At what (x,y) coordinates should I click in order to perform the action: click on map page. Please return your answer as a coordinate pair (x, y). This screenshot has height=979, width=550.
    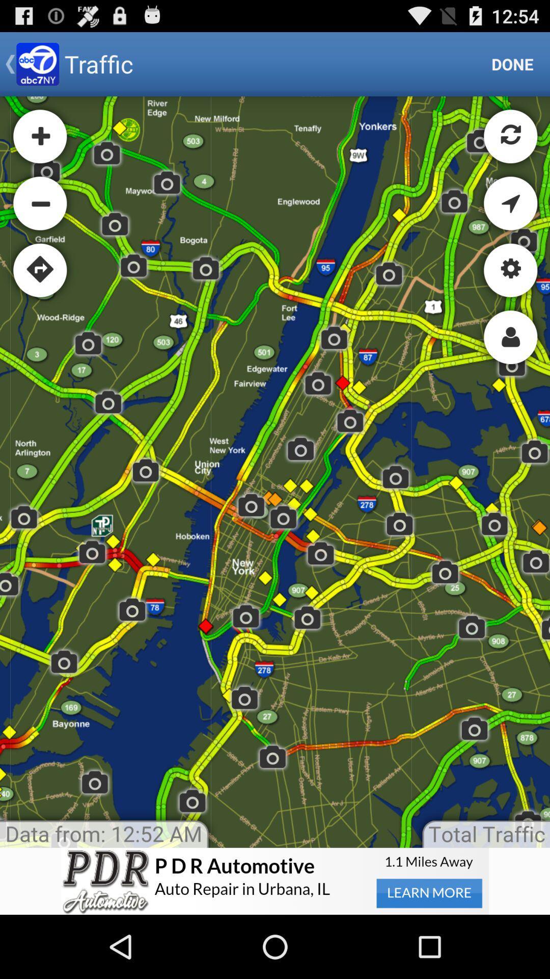
    Looking at the image, I should click on (275, 471).